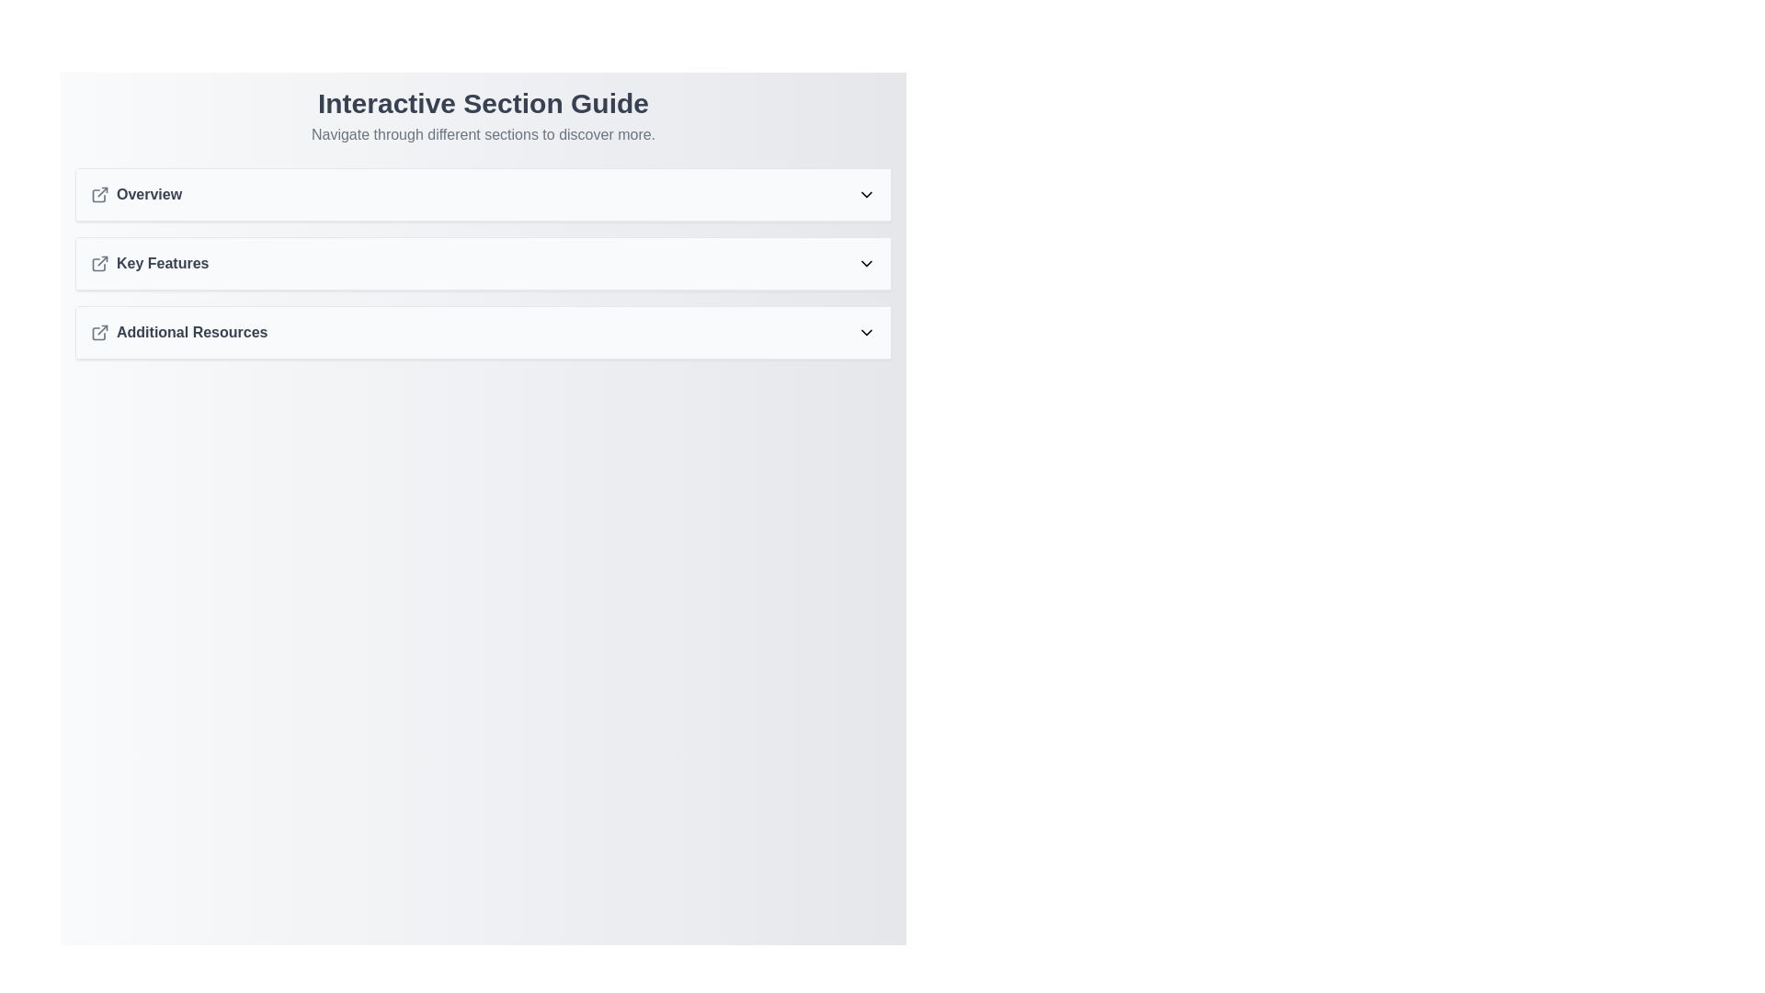 The image size is (1765, 993). What do you see at coordinates (484, 103) in the screenshot?
I see `the title Text Label that serves as a heading for the web page section, located at the top-middle of the interface, above the subtitle 'Navigate through different sections to discover more.'` at bounding box center [484, 103].